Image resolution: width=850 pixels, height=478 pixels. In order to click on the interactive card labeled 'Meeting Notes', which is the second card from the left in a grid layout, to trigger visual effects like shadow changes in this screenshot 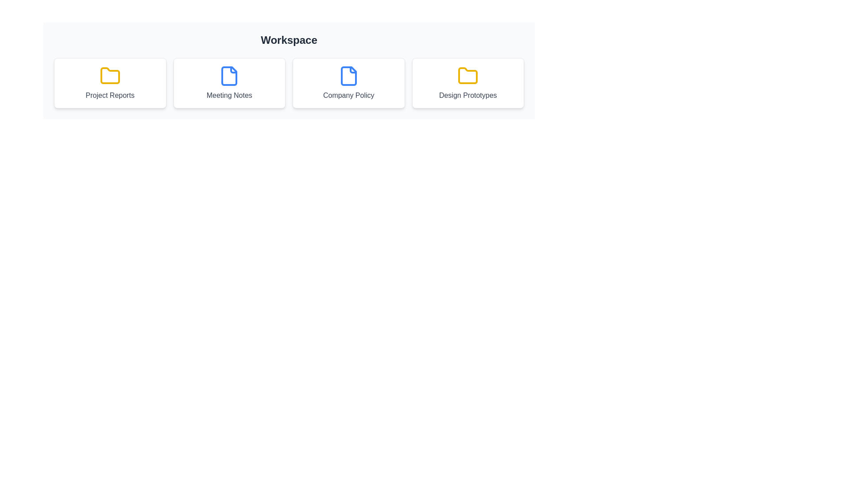, I will do `click(229, 83)`.